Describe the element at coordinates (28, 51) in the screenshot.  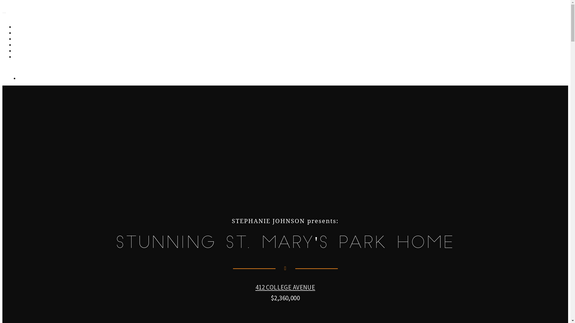
I see `'LOCATION'` at that location.